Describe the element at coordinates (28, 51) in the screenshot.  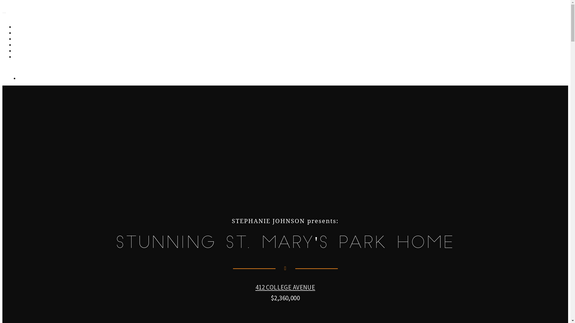
I see `'LOCATION'` at that location.